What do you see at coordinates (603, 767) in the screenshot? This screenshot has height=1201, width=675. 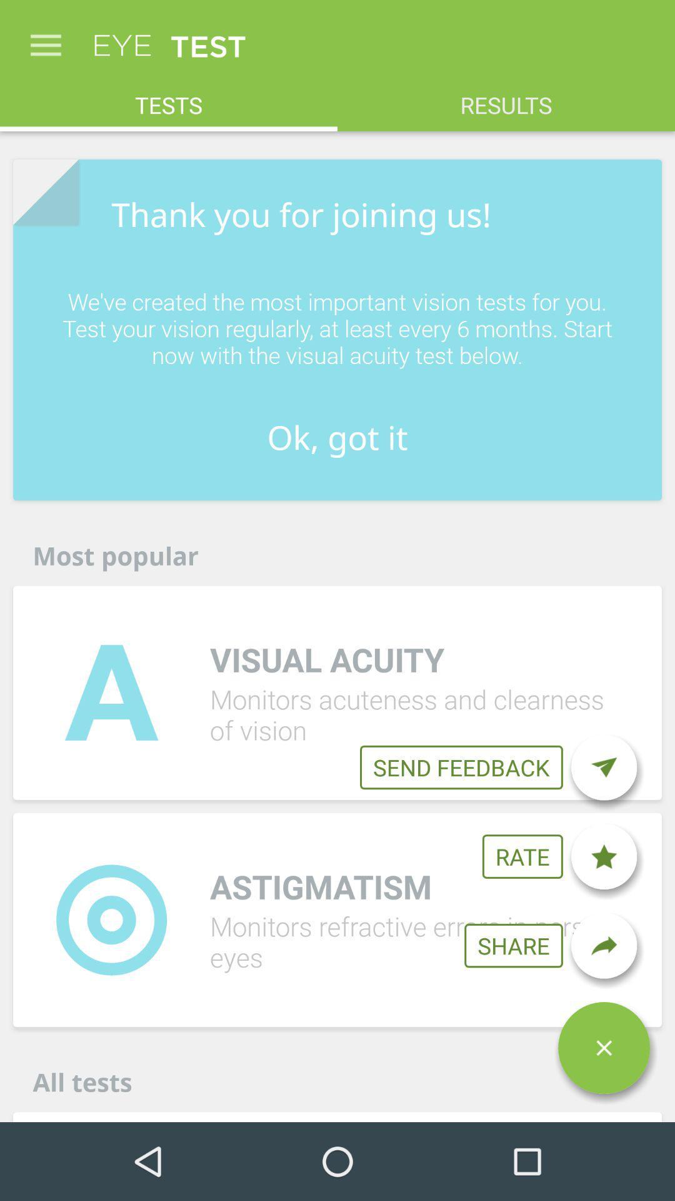 I see `send a feedback` at bounding box center [603, 767].